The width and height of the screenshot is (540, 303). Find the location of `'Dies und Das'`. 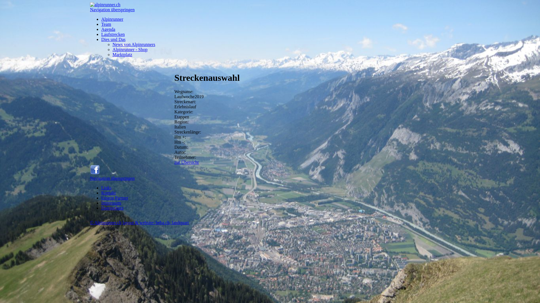

'Dies und Das' is located at coordinates (113, 39).